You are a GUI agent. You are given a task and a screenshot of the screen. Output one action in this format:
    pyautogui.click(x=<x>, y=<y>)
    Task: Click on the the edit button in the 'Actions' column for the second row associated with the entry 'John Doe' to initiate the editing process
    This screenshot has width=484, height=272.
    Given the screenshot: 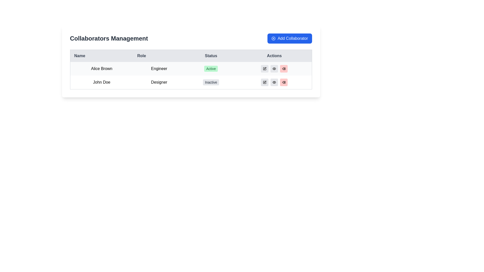 What is the action you would take?
    pyautogui.click(x=264, y=82)
    